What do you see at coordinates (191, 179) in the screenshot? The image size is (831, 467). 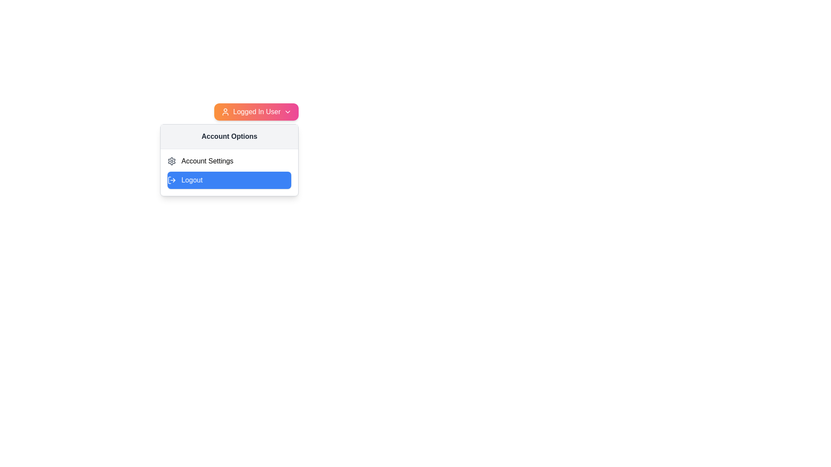 I see `the blue button containing the 'Logout' text label located in the 'Account Options' section underneath 'Account Settings'` at bounding box center [191, 179].